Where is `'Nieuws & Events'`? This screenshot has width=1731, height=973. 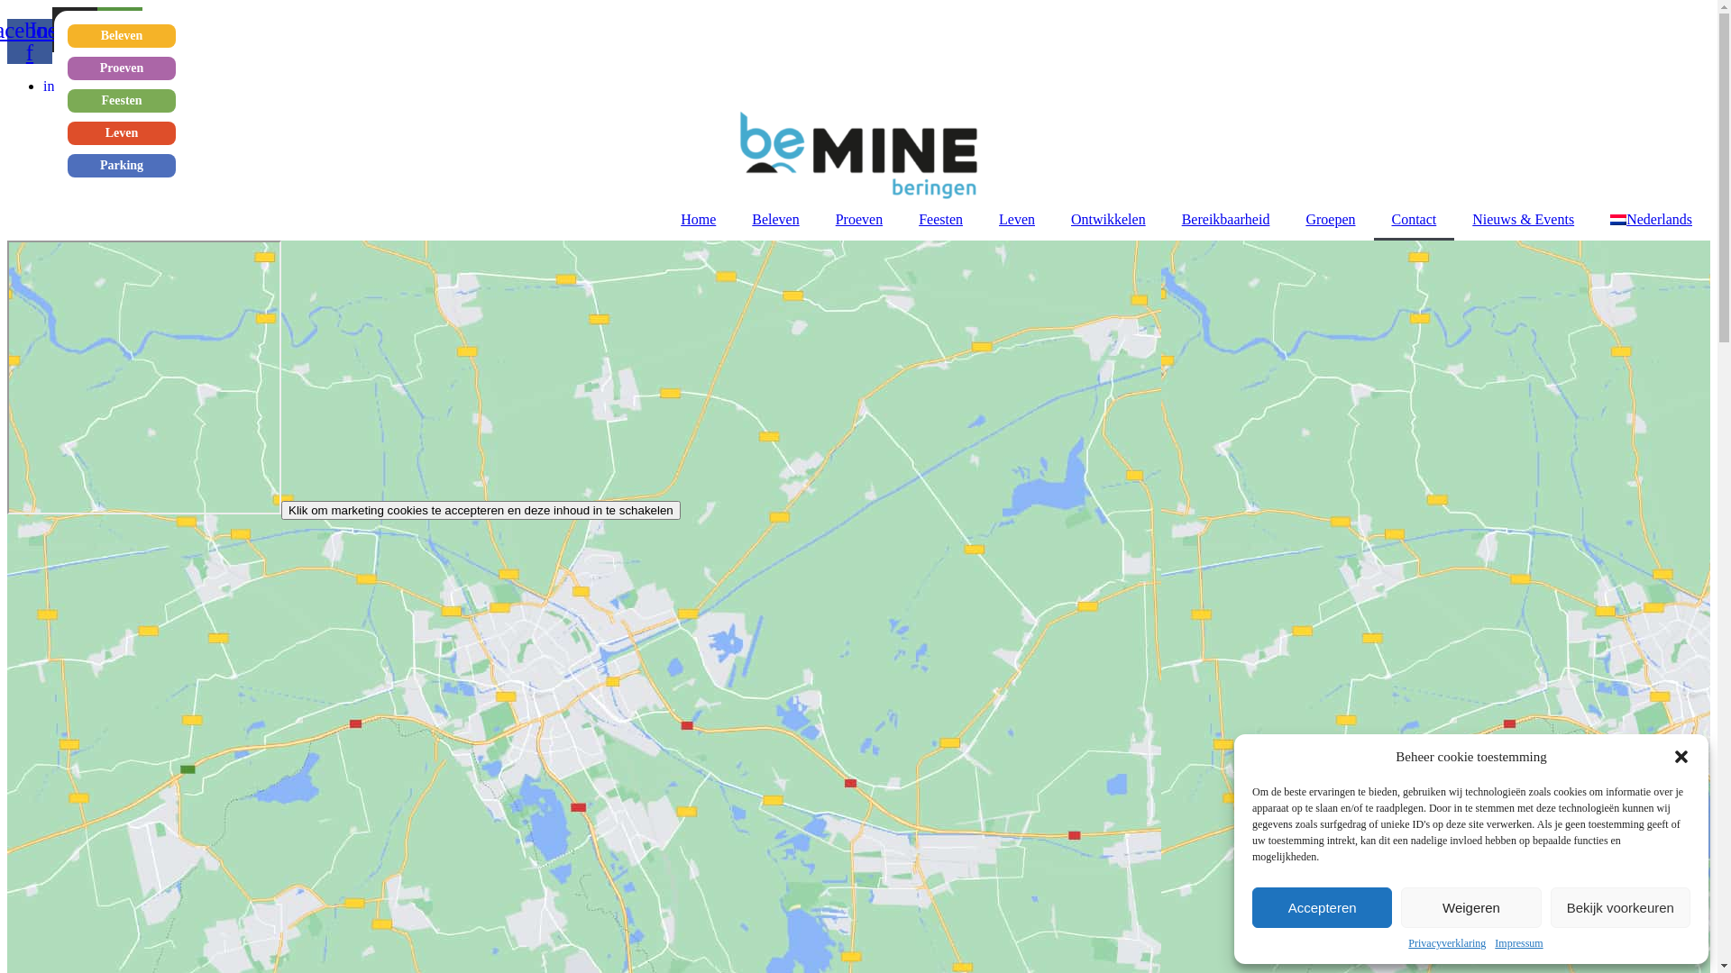
'Nieuws & Events' is located at coordinates (1522, 218).